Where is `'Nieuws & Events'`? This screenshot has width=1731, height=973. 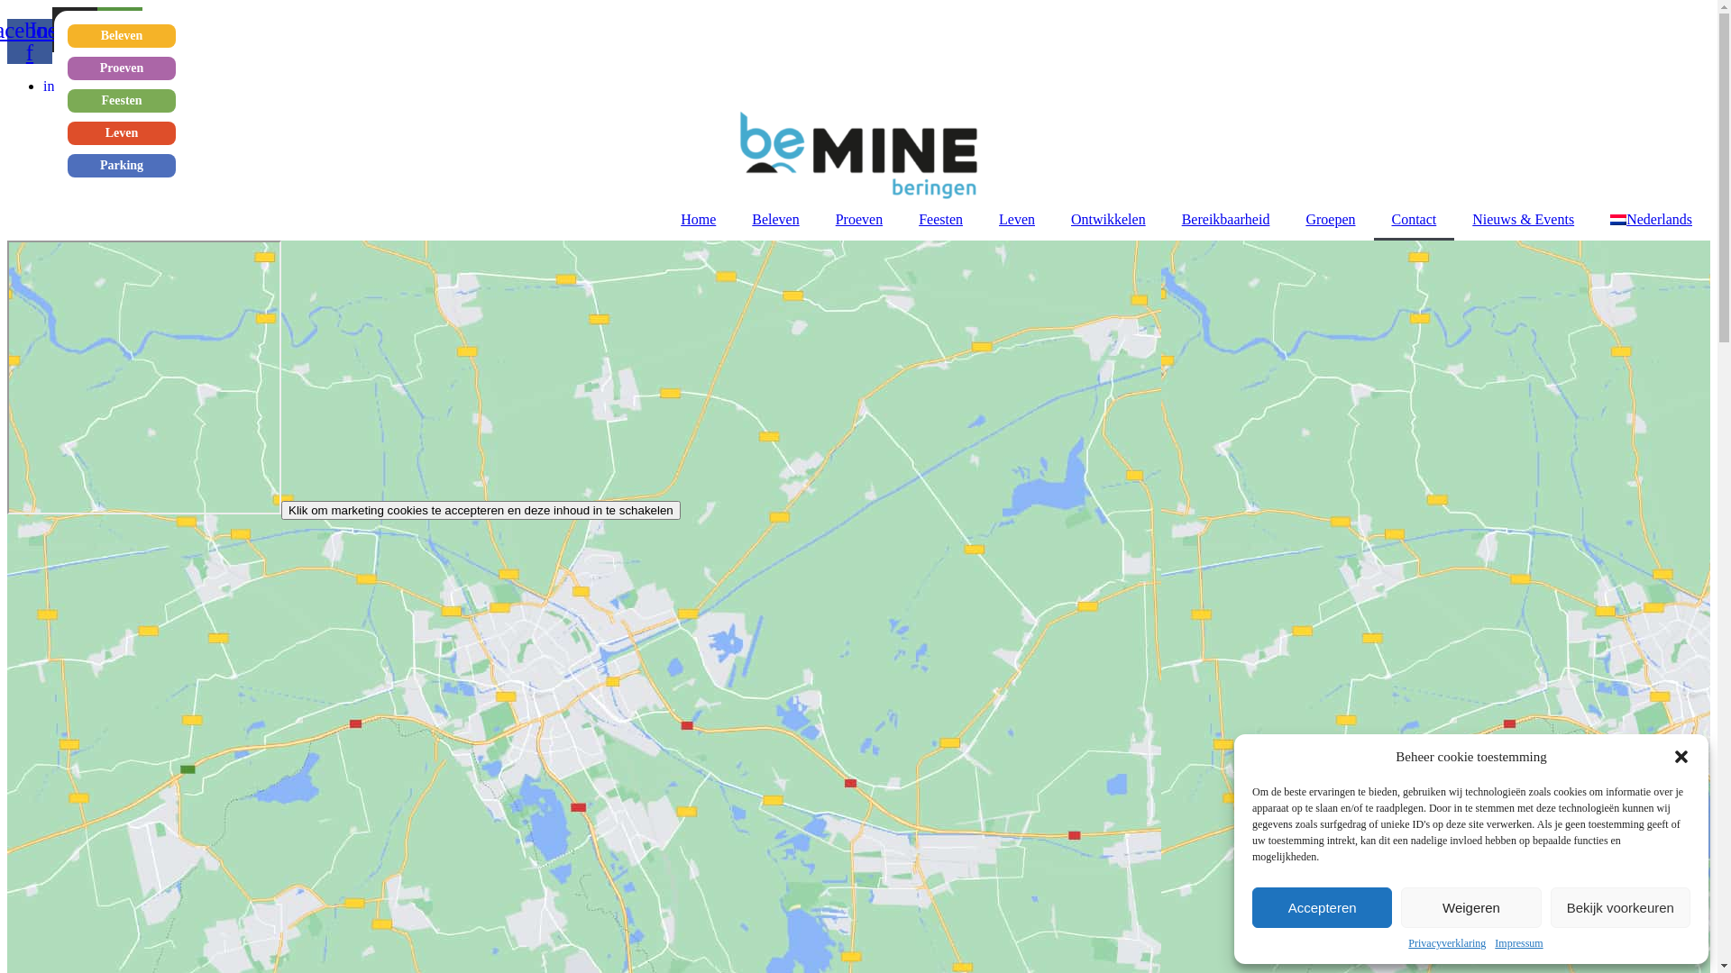
'Nieuws & Events' is located at coordinates (1522, 218).